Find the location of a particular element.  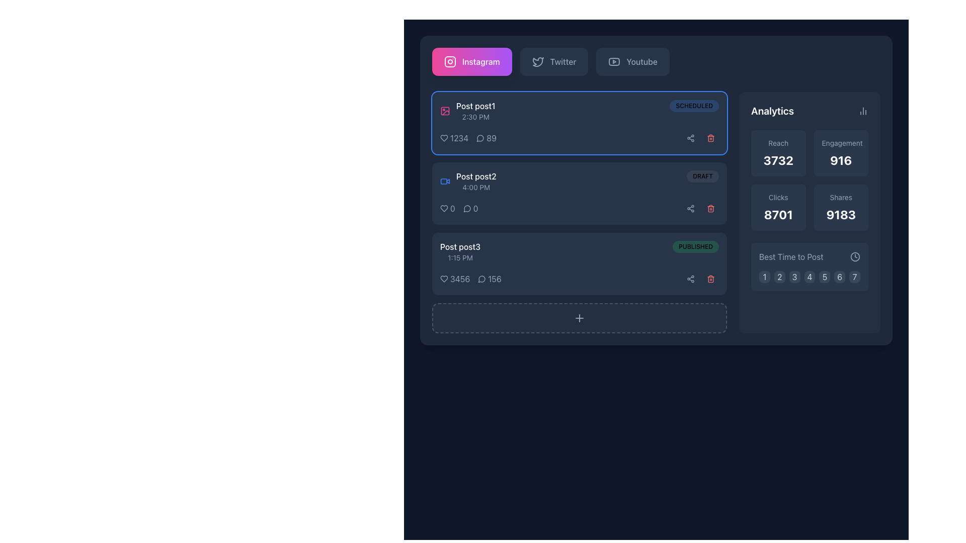

the comments icon located near 'Post post1' under the Instagram tab, which is positioned to the right of the heart icon and left of the numerical count is located at coordinates (479, 138).